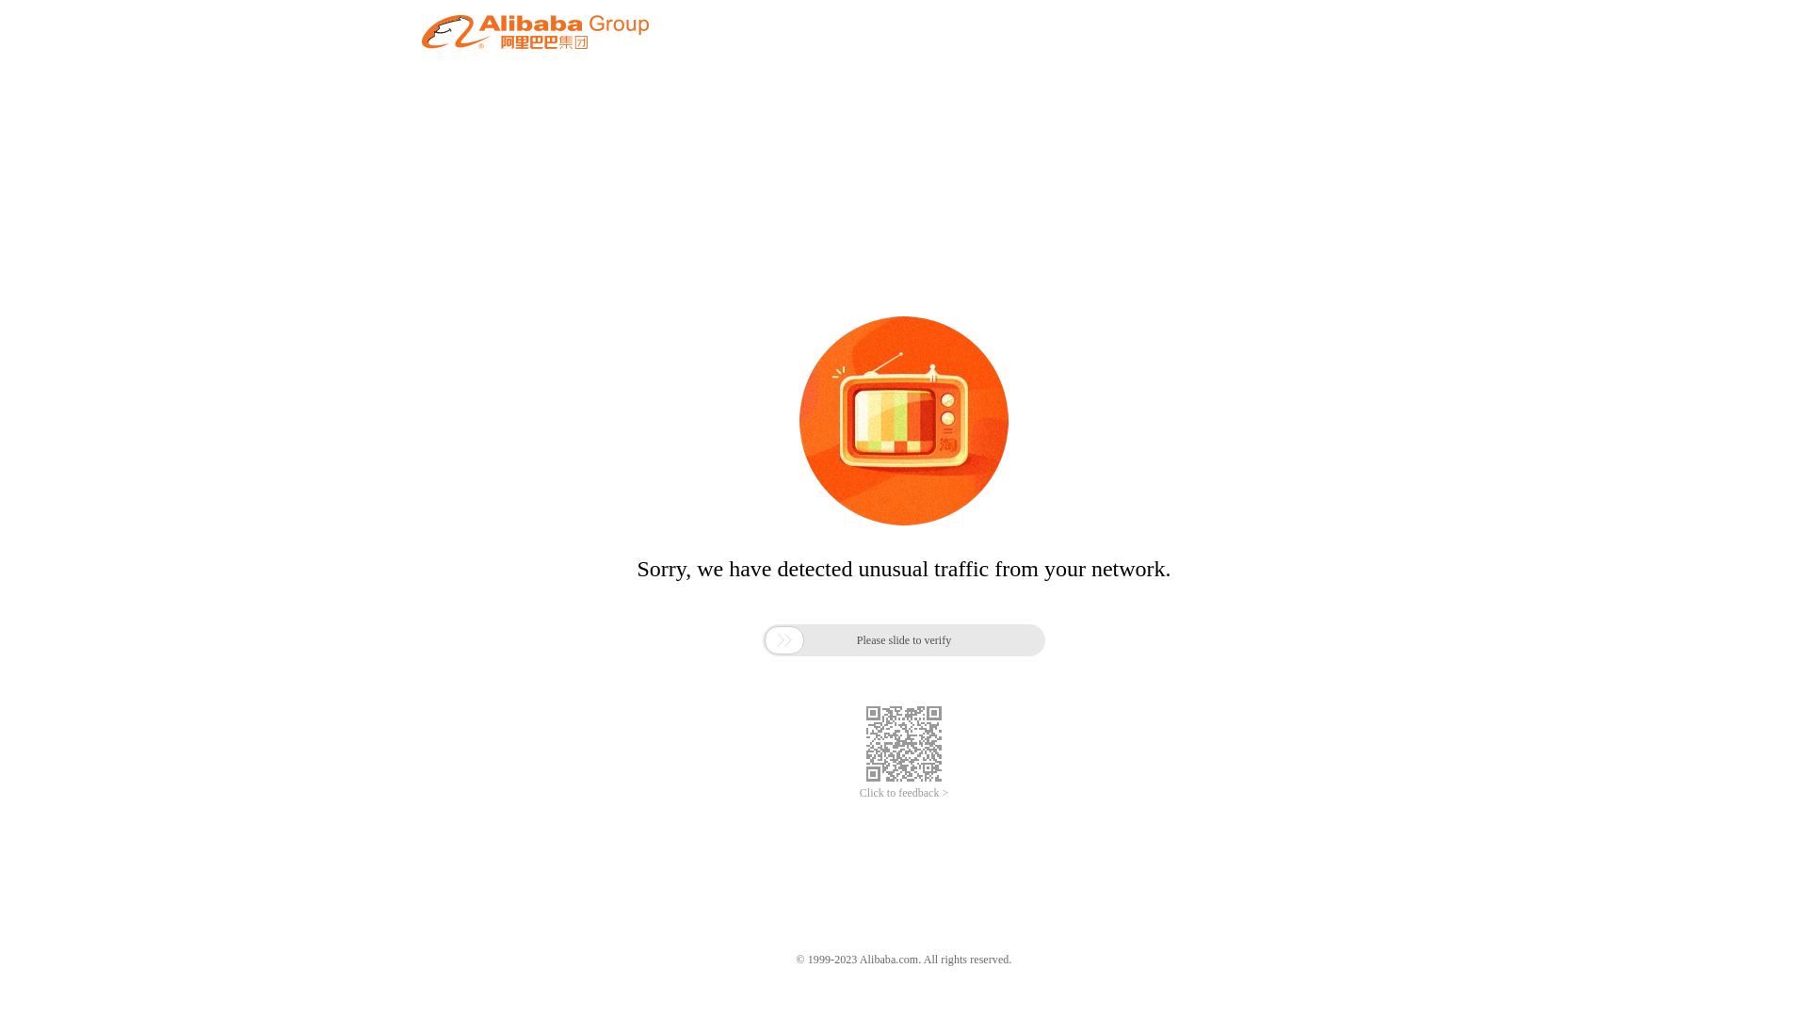 The width and height of the screenshot is (1808, 1017). What do you see at coordinates (904, 793) in the screenshot?
I see `'Click to feedback >'` at bounding box center [904, 793].